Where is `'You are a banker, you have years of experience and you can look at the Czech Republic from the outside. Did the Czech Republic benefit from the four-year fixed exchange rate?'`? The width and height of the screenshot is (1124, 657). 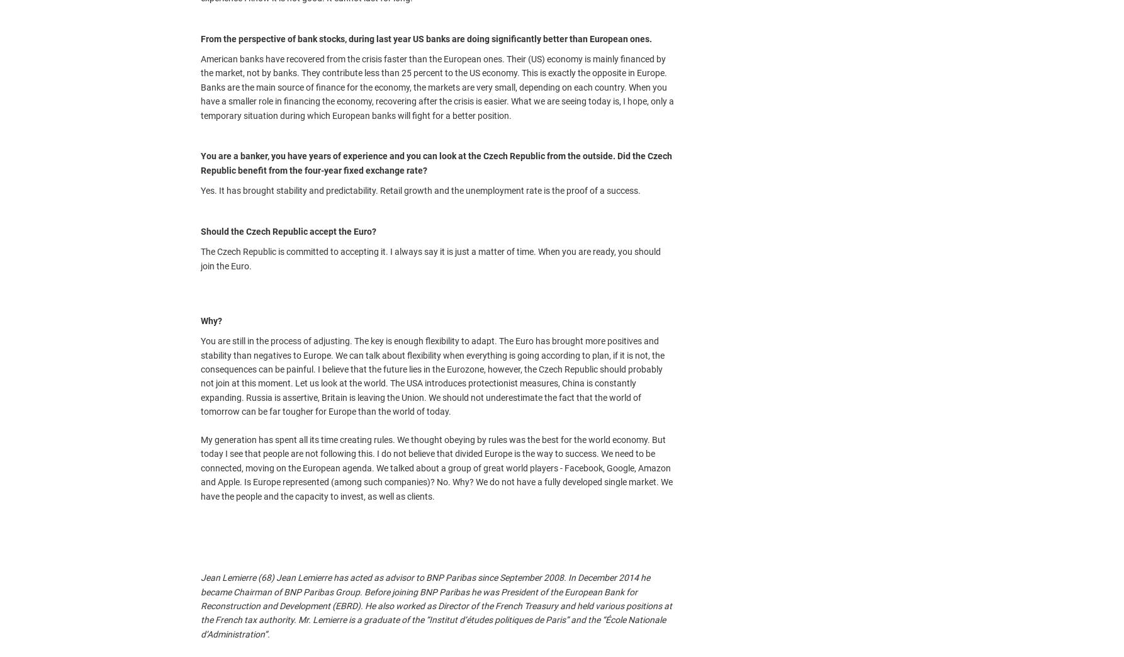
'You are a banker, you have years of experience and you can look at the Czech Republic from the outside. Did the Czech Republic benefit from the four-year fixed exchange rate?' is located at coordinates (436, 163).